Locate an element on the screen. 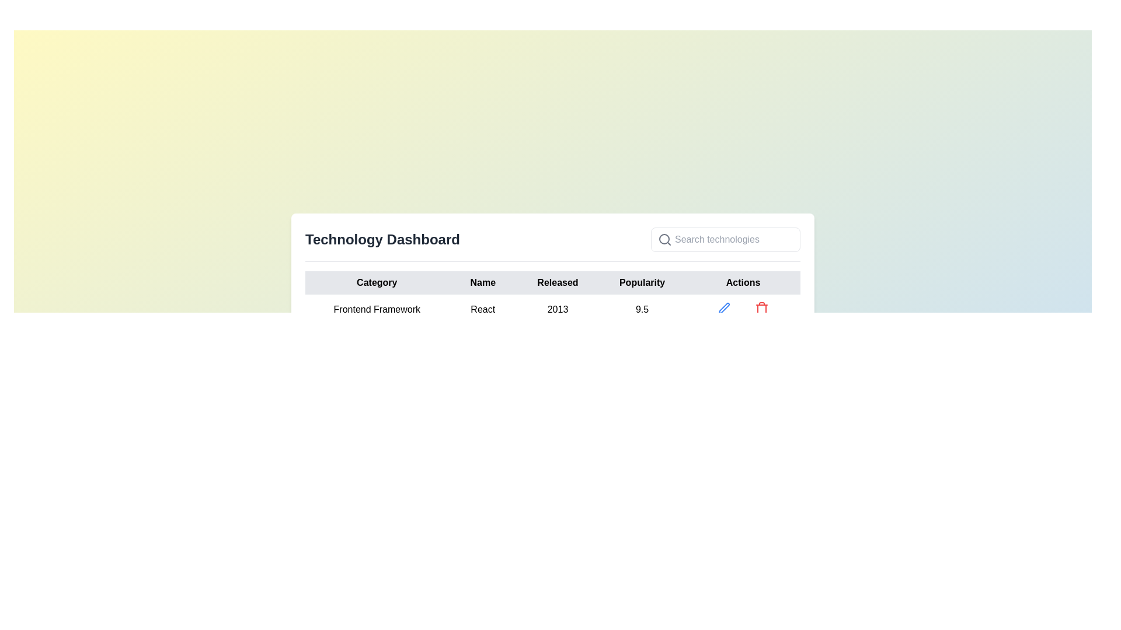 The height and width of the screenshot is (630, 1121). header labels of the table, which is located at the top of the table structure and spans horizontally across the width of the table is located at coordinates (552, 283).